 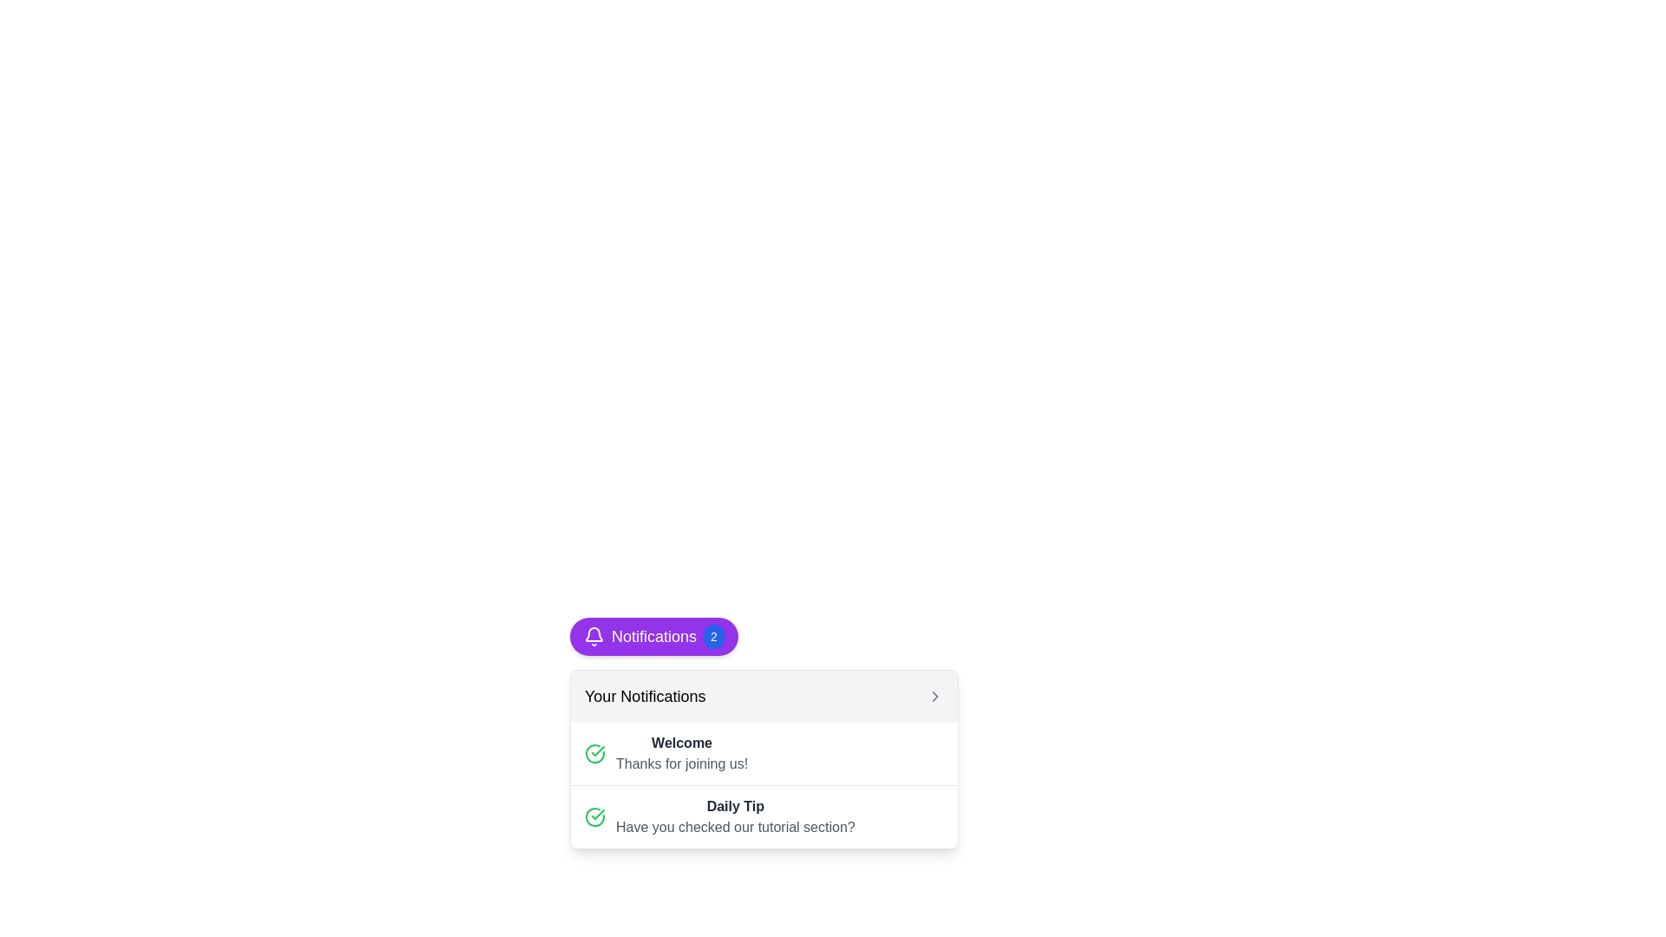 I want to click on the text label that says 'Have you checked our tutorial section?' located below the 'Daily Tip' title in the notification card, so click(x=735, y=826).